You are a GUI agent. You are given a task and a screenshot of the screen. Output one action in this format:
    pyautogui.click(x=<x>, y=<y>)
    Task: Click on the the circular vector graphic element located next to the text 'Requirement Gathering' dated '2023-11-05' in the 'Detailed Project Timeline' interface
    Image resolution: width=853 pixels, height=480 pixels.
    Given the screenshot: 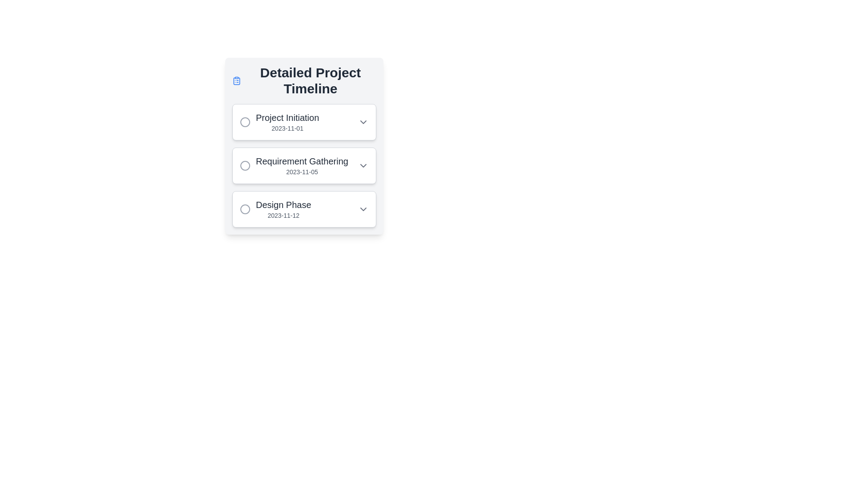 What is the action you would take?
    pyautogui.click(x=245, y=166)
    